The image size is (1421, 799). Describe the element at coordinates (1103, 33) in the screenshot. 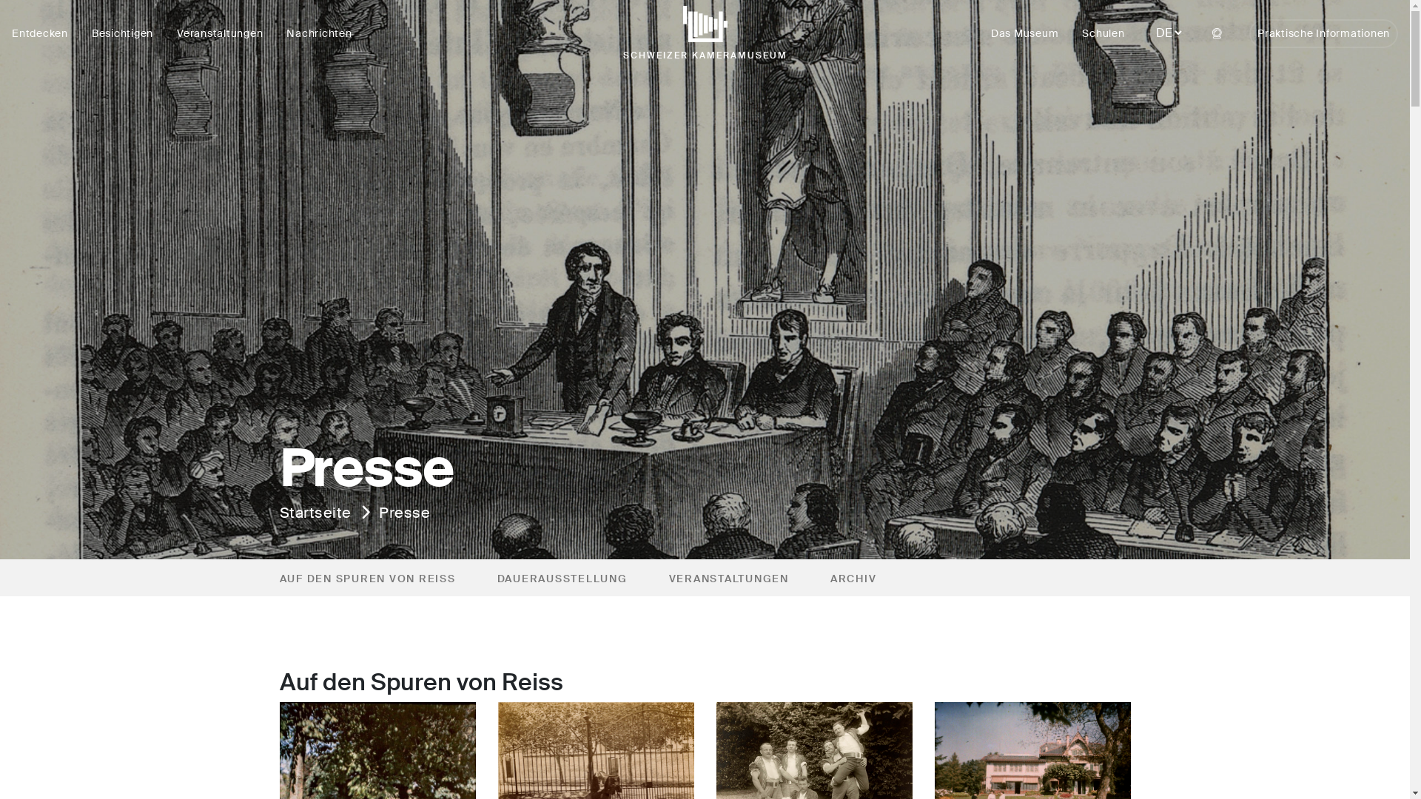

I see `'Schulen'` at that location.